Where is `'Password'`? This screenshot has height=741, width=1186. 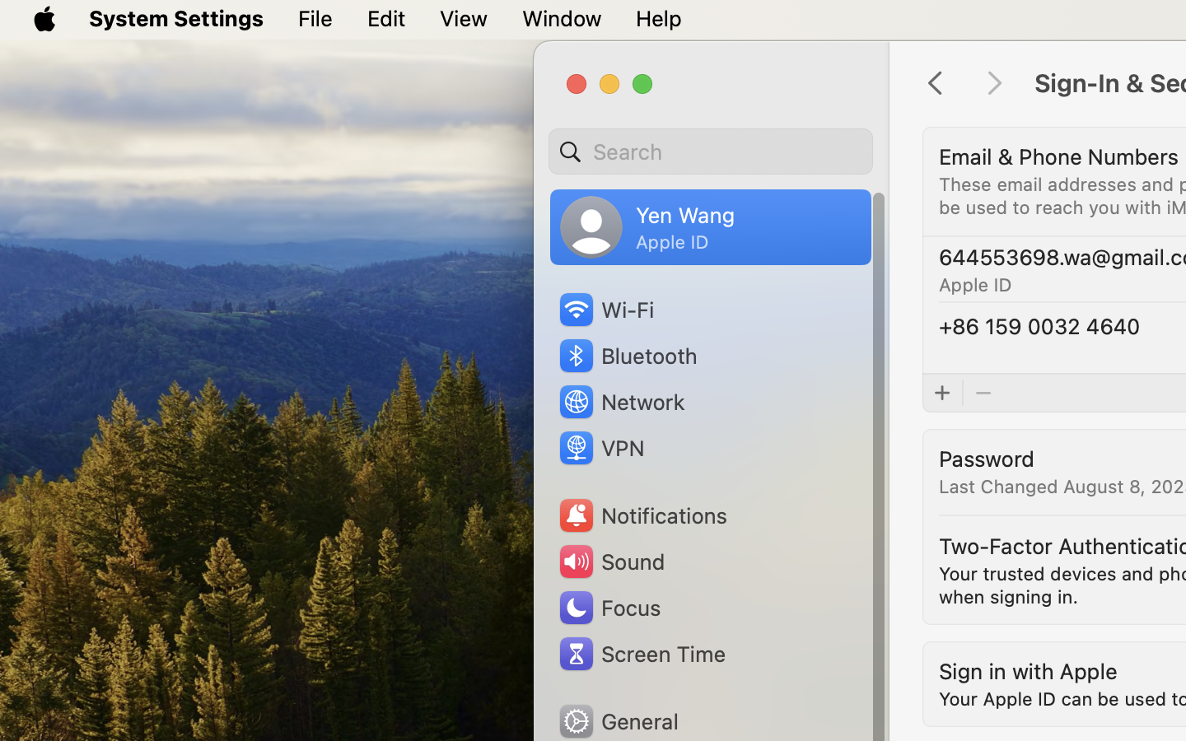
'Password' is located at coordinates (986, 457).